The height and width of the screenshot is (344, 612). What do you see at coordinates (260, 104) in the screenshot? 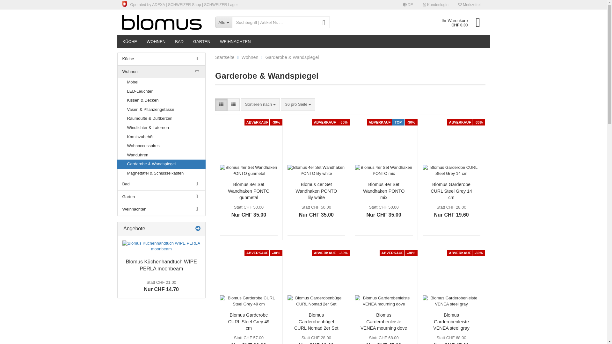
I see `'Sortieren nach'` at bounding box center [260, 104].